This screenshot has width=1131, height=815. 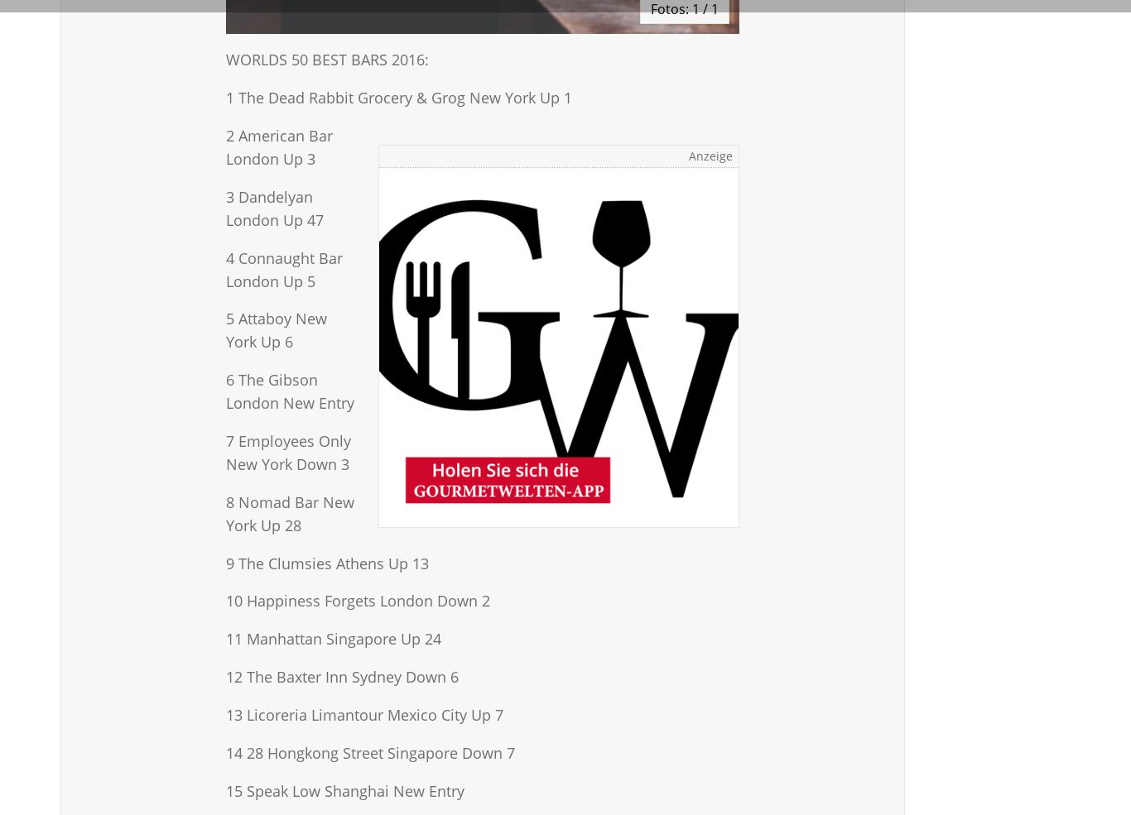 What do you see at coordinates (326, 59) in the screenshot?
I see `'WORLDS 50 BEST BARS 2016:'` at bounding box center [326, 59].